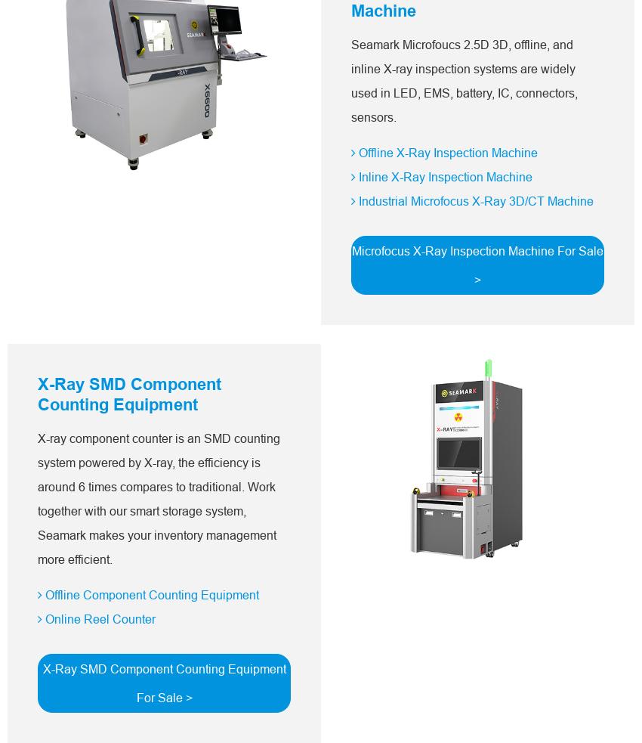  I want to click on 'Offline Component Counting Equipment', so click(150, 593).